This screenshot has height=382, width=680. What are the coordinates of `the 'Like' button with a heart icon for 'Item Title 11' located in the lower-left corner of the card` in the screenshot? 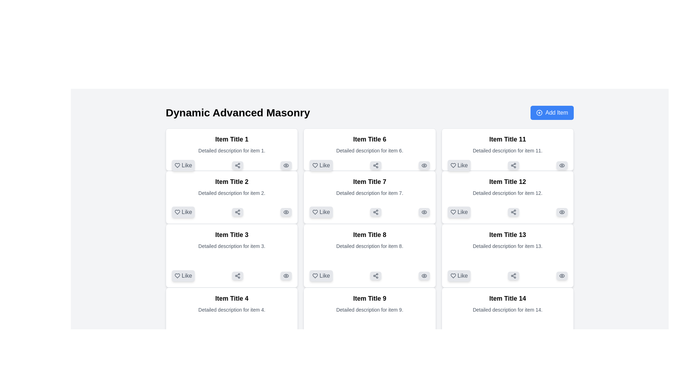 It's located at (459, 165).